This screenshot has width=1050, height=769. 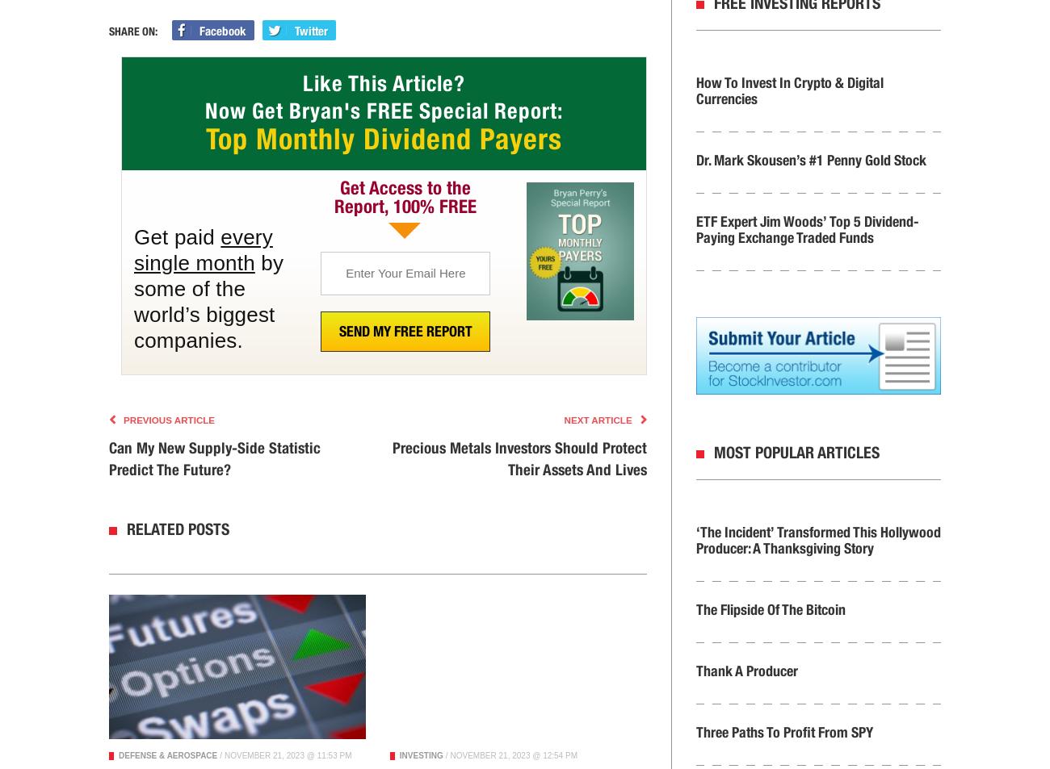 What do you see at coordinates (202, 249) in the screenshot?
I see `'every single month'` at bounding box center [202, 249].